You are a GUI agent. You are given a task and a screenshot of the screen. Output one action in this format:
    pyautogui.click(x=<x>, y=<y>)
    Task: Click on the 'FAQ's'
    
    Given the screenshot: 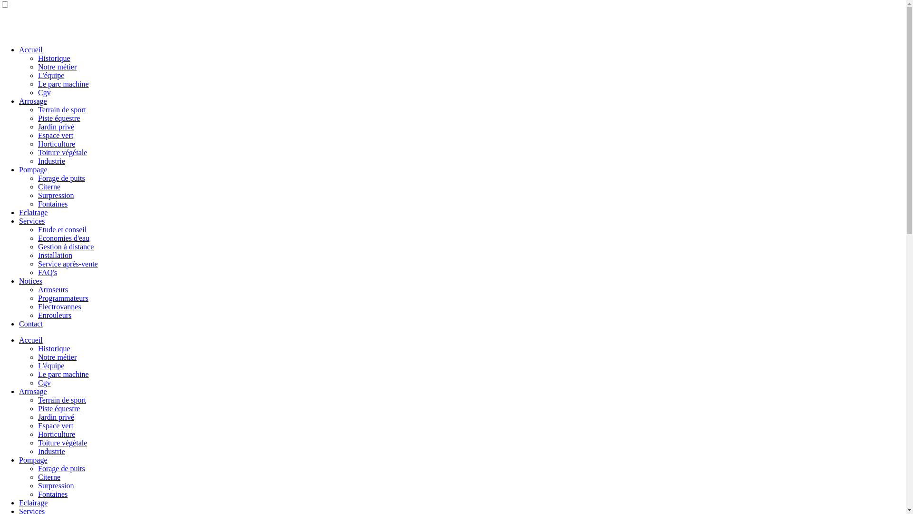 What is the action you would take?
    pyautogui.click(x=47, y=272)
    